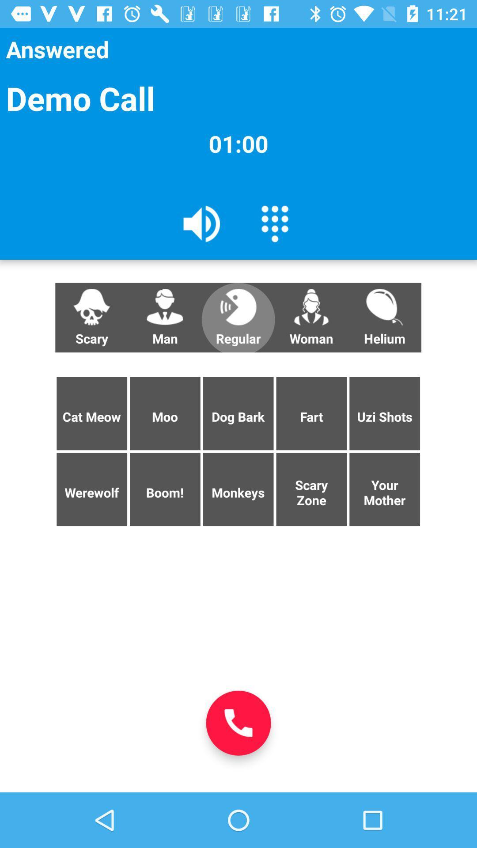 This screenshot has height=848, width=477. What do you see at coordinates (311, 318) in the screenshot?
I see `button next to helium` at bounding box center [311, 318].